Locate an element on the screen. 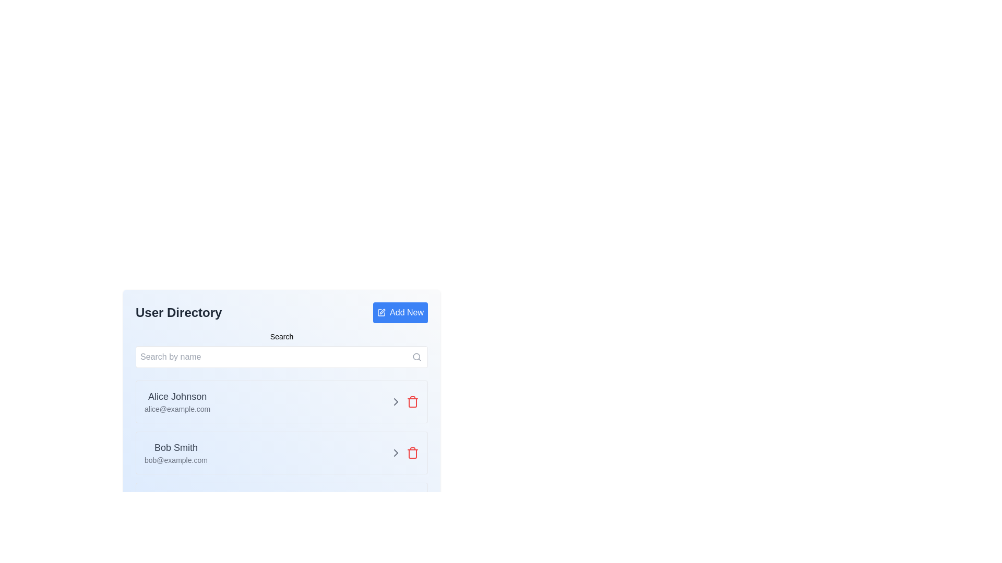 This screenshot has height=563, width=1002. the arrow icon located on the right side of the card representing user 'Bob Smith' in the 'User Directory' interface is located at coordinates (403, 452).